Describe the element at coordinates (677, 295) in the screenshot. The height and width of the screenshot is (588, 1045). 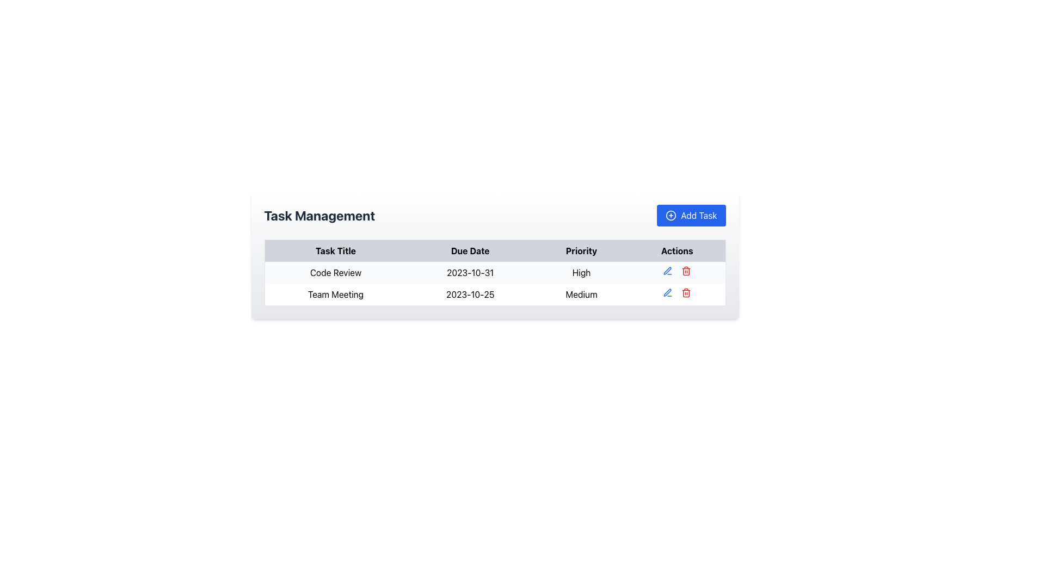
I see `the non-interactive visual placeholder or separator in the 'Actions' column for the 'Team Meeting' row, which is the fourth cell and positioned adjacent to the delete and edit buttons` at that location.